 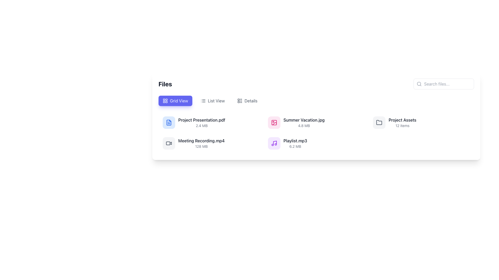 What do you see at coordinates (169, 123) in the screenshot?
I see `the blue document icon representing 'Project Presentation.pdf'` at bounding box center [169, 123].